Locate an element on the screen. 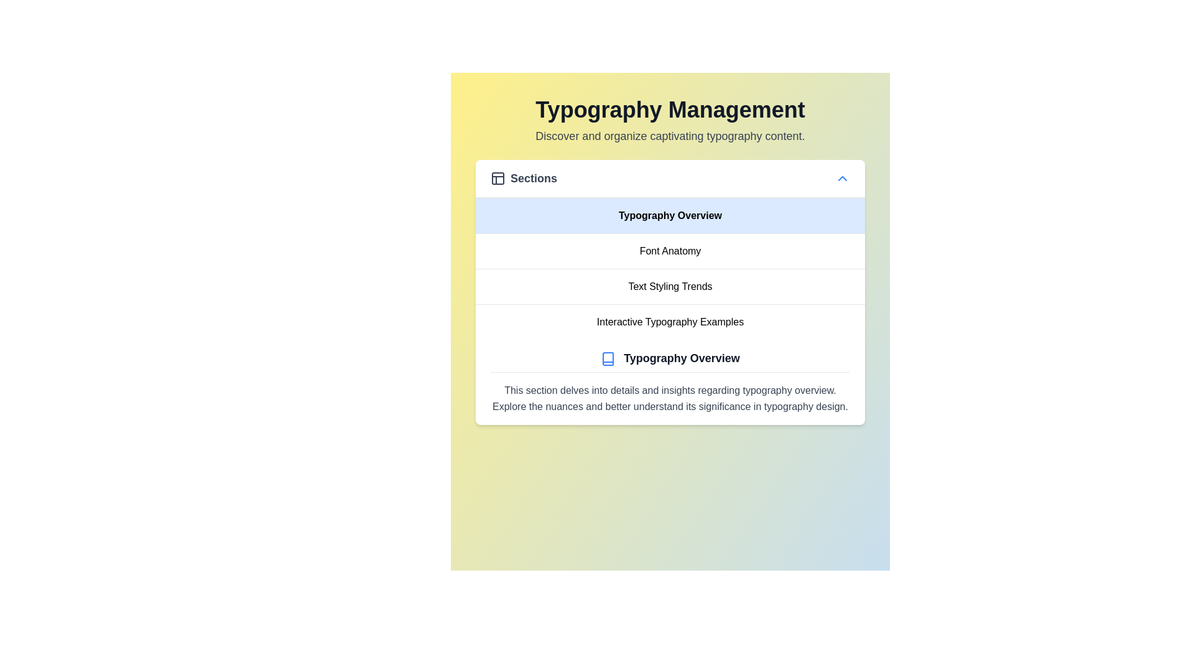 The image size is (1194, 672). the main heading text element, which serves as the primary subject indicator of the page is located at coordinates (670, 110).